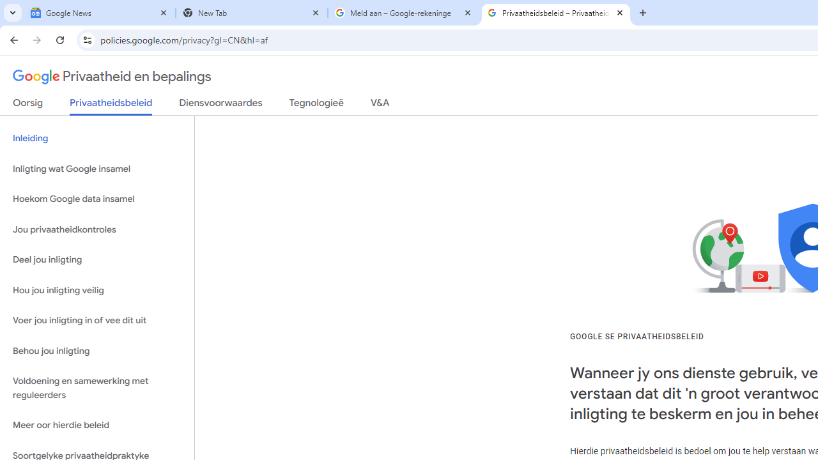 The image size is (818, 460). What do you see at coordinates (96, 229) in the screenshot?
I see `'Jou privaatheidkontroles'` at bounding box center [96, 229].